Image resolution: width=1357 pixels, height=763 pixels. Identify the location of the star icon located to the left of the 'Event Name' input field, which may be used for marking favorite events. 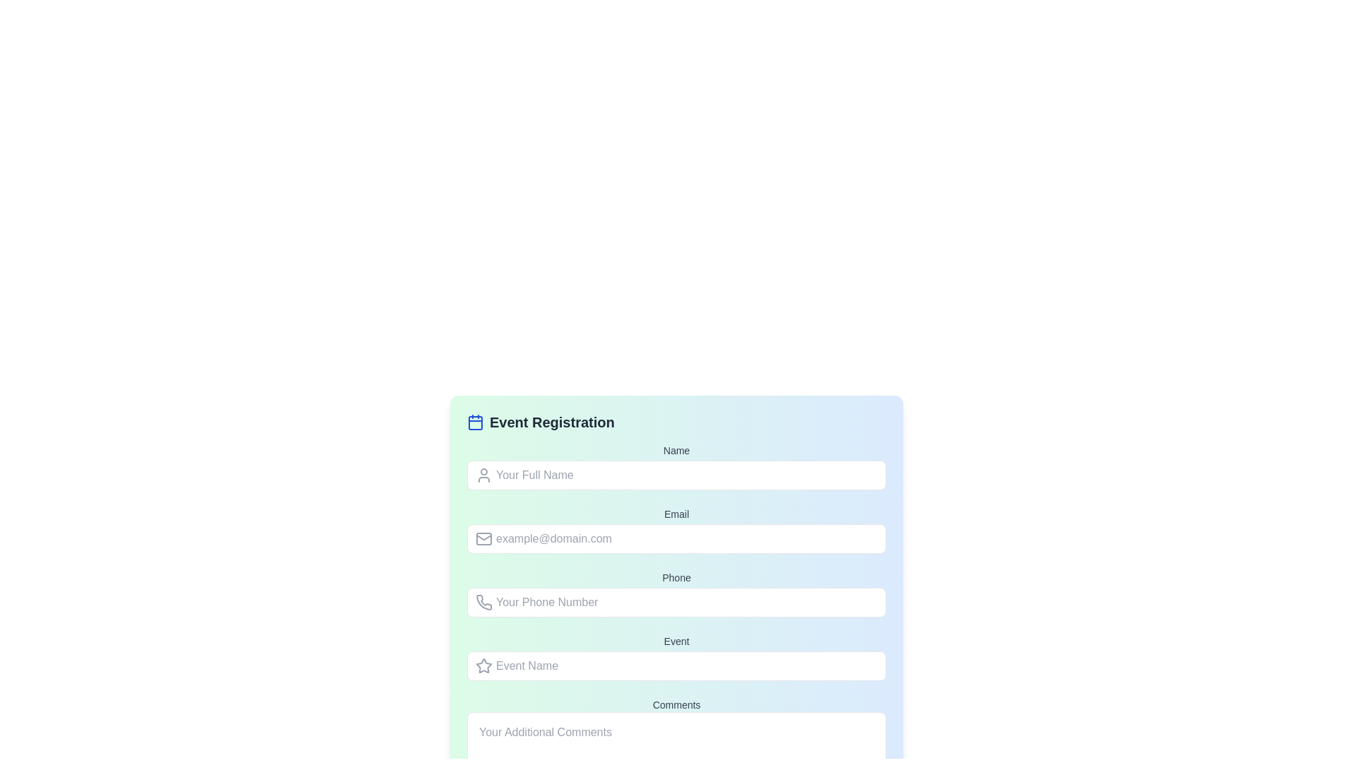
(484, 666).